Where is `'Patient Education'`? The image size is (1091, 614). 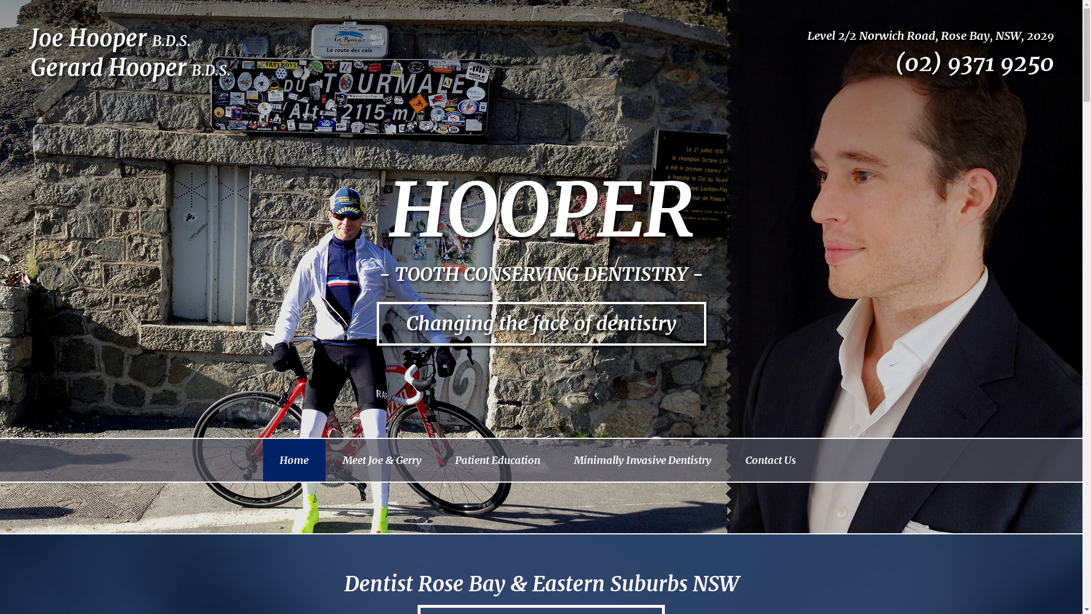
'Patient Education' is located at coordinates (497, 459).